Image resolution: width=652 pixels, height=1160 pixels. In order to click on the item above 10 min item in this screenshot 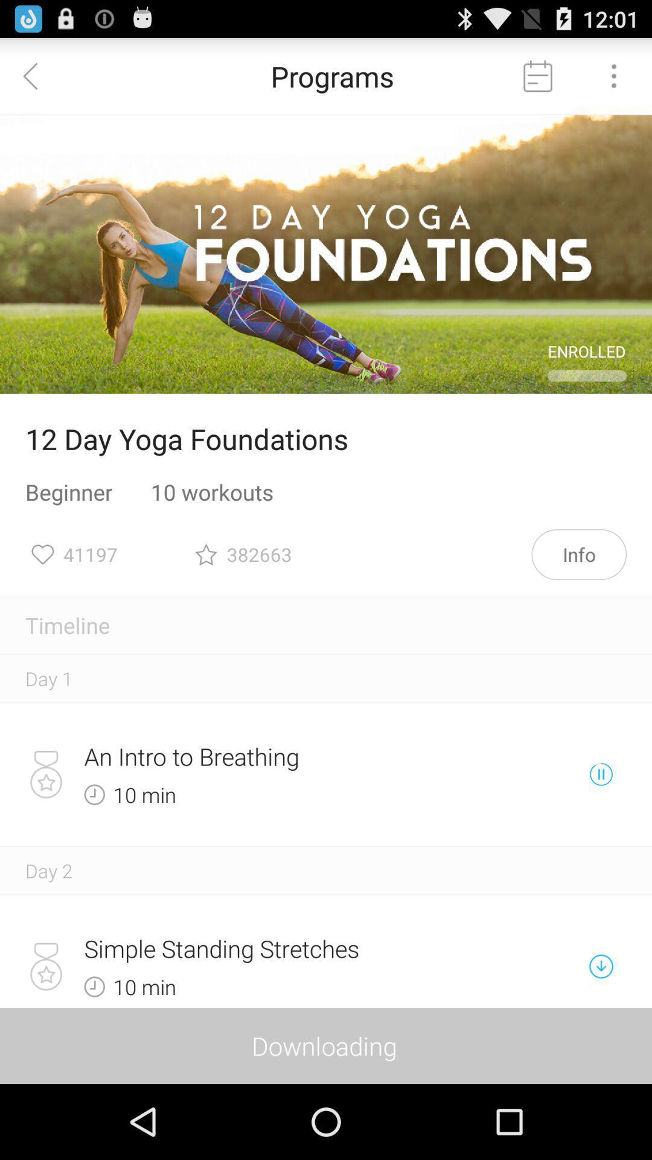, I will do `click(284, 756)`.